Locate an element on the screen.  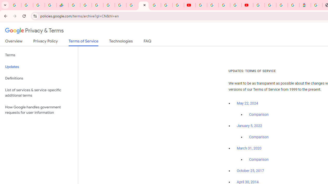
'Sign in - Google Accounts' is located at coordinates (270, 5).